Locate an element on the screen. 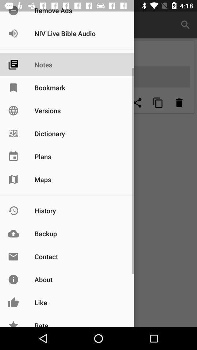 The width and height of the screenshot is (197, 350). new tape is located at coordinates (116, 102).